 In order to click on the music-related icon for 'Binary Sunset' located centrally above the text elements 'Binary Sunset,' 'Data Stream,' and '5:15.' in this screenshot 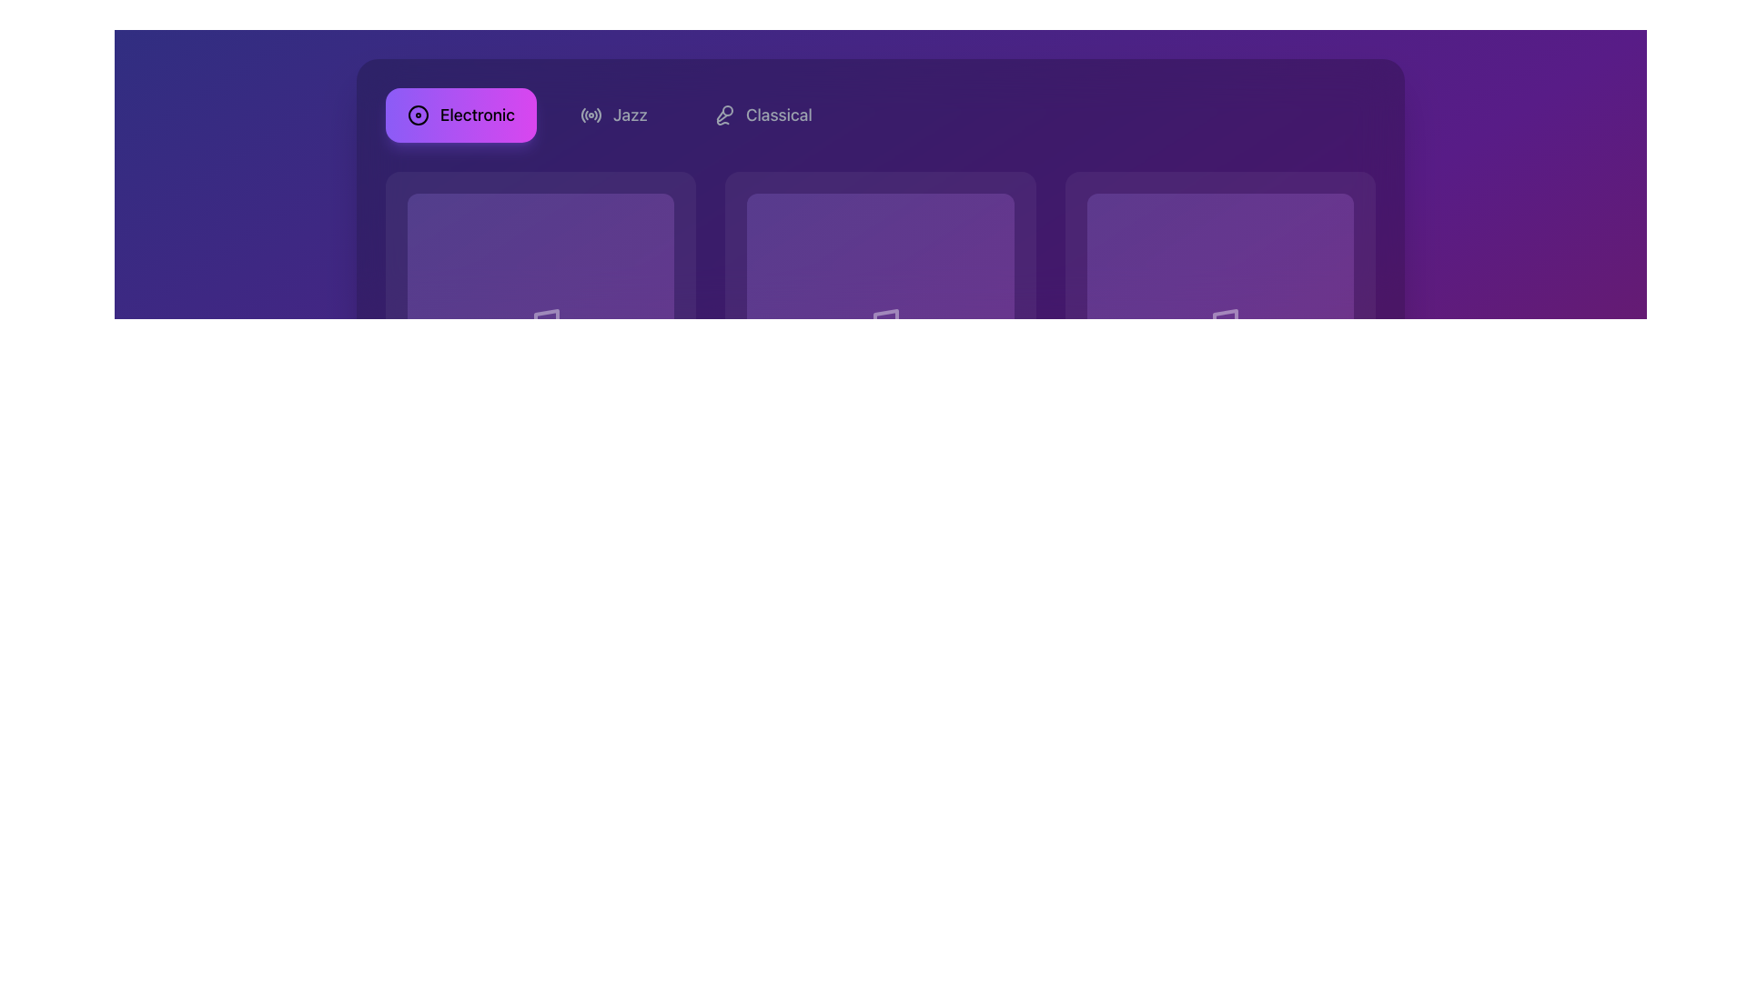, I will do `click(1220, 326)`.